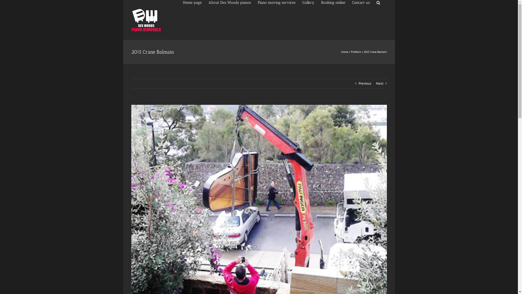 Image resolution: width=522 pixels, height=294 pixels. What do you see at coordinates (356, 52) in the screenshot?
I see `'Portfolio'` at bounding box center [356, 52].